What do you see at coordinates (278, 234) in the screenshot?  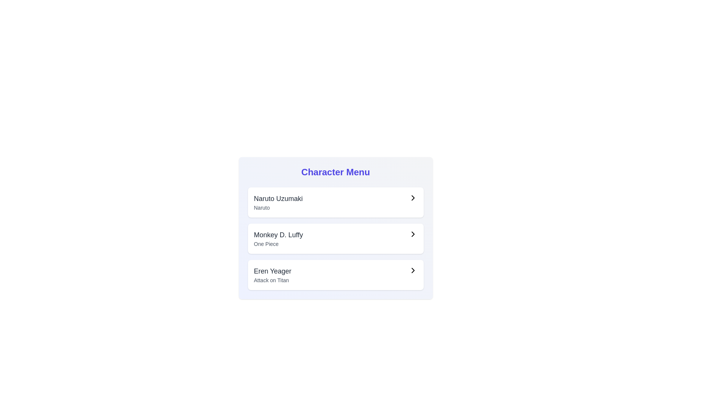 I see `the Text label indicating the name of the character 'Monkey D. Luffy' in the 'Character Menu'` at bounding box center [278, 234].